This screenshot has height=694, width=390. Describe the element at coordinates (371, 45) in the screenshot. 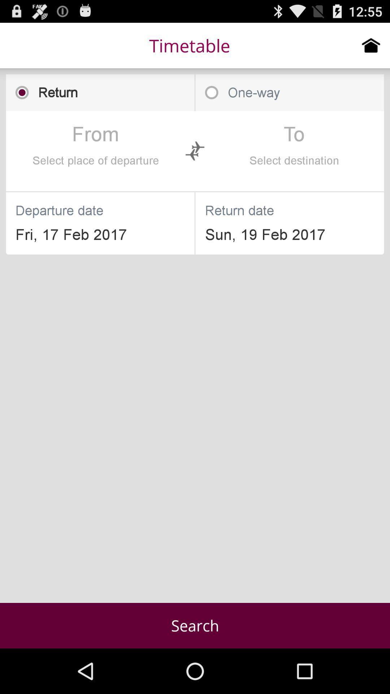

I see `return to homepage` at that location.